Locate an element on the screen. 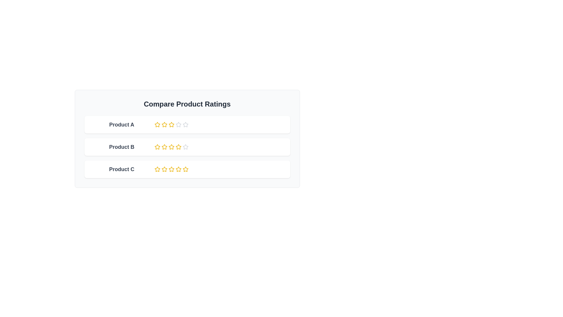  the fifth yellow star in the second rating row for 'Product B', which is a star icon indicative of a rating component is located at coordinates (178, 147).